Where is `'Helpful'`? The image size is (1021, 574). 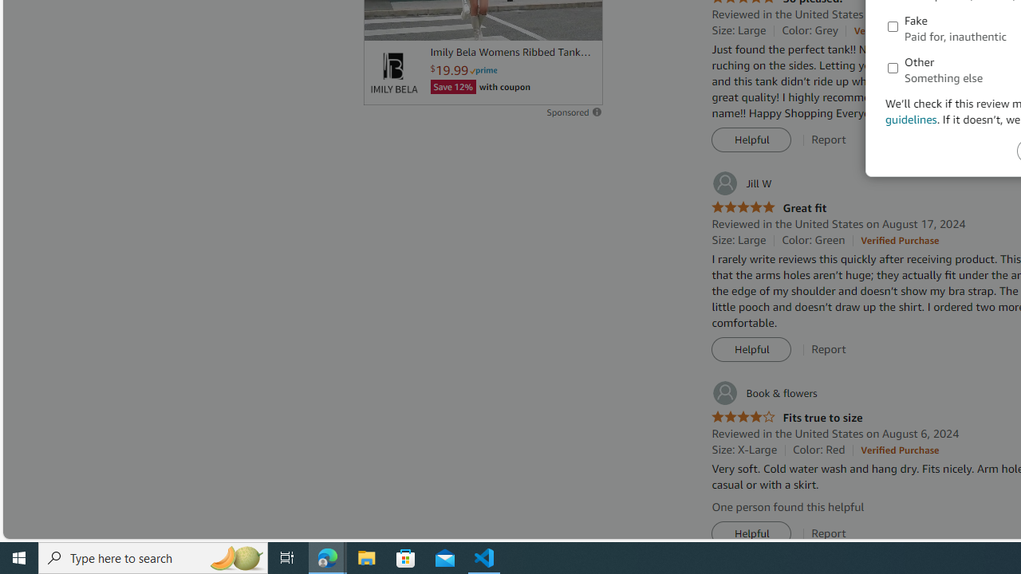
'Helpful' is located at coordinates (751, 533).